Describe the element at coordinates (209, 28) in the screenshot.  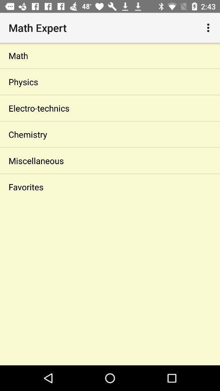
I see `the app to the right of the math expert` at that location.